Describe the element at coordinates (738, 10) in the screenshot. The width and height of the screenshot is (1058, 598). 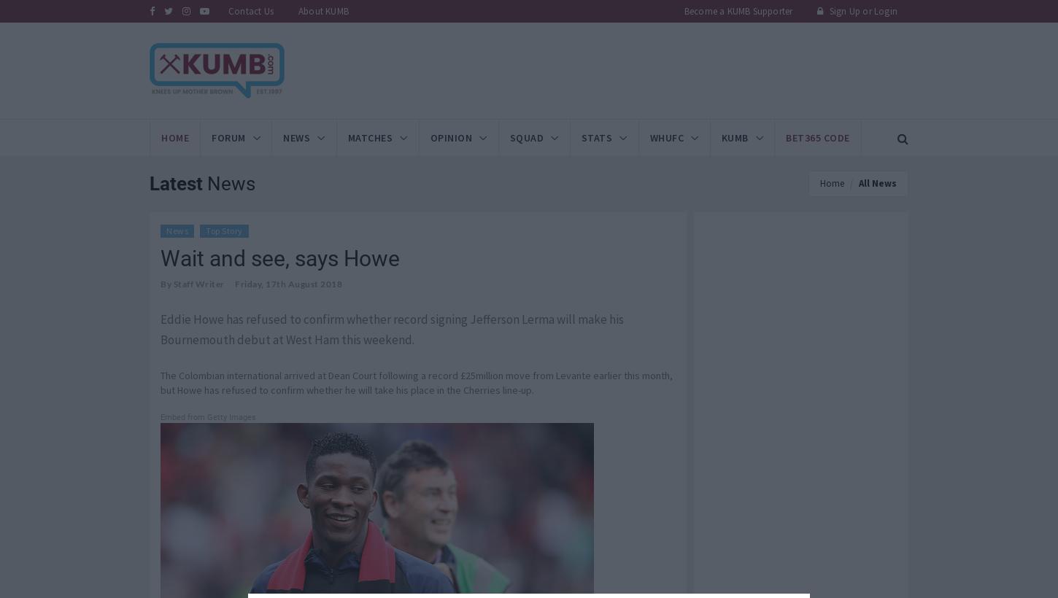
I see `'Become a KUMB Supporter'` at that location.